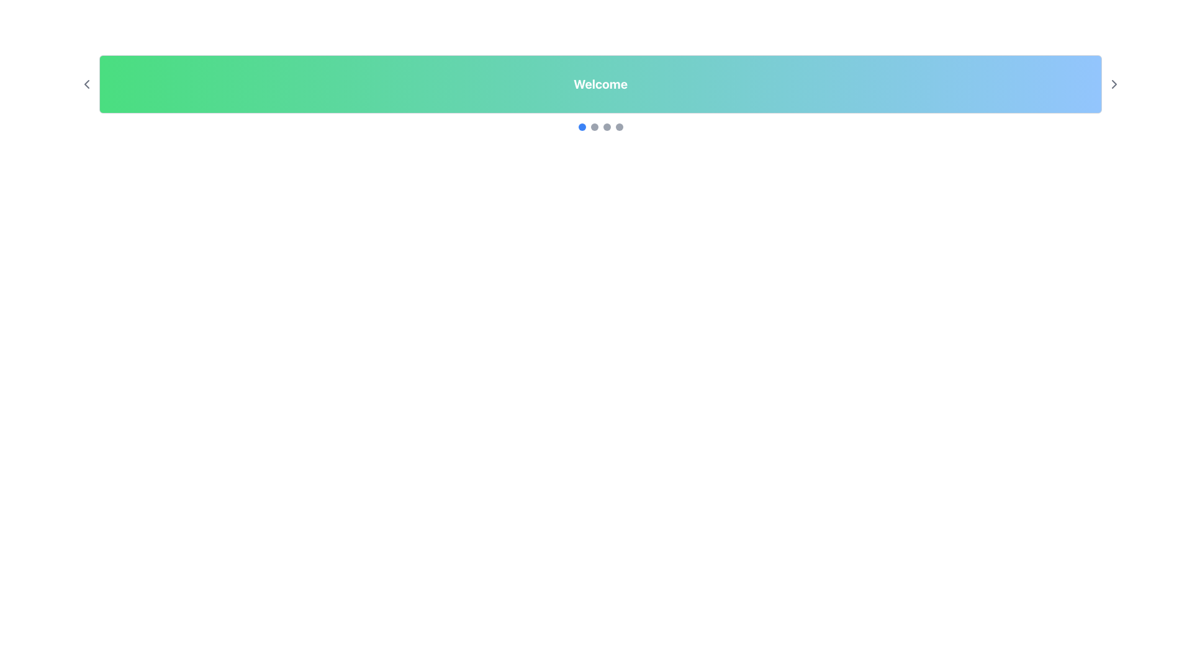 The width and height of the screenshot is (1192, 670). Describe the element at coordinates (1114, 84) in the screenshot. I see `the right-pointing chevron button located at the far-right end of the gradient banner` at that location.